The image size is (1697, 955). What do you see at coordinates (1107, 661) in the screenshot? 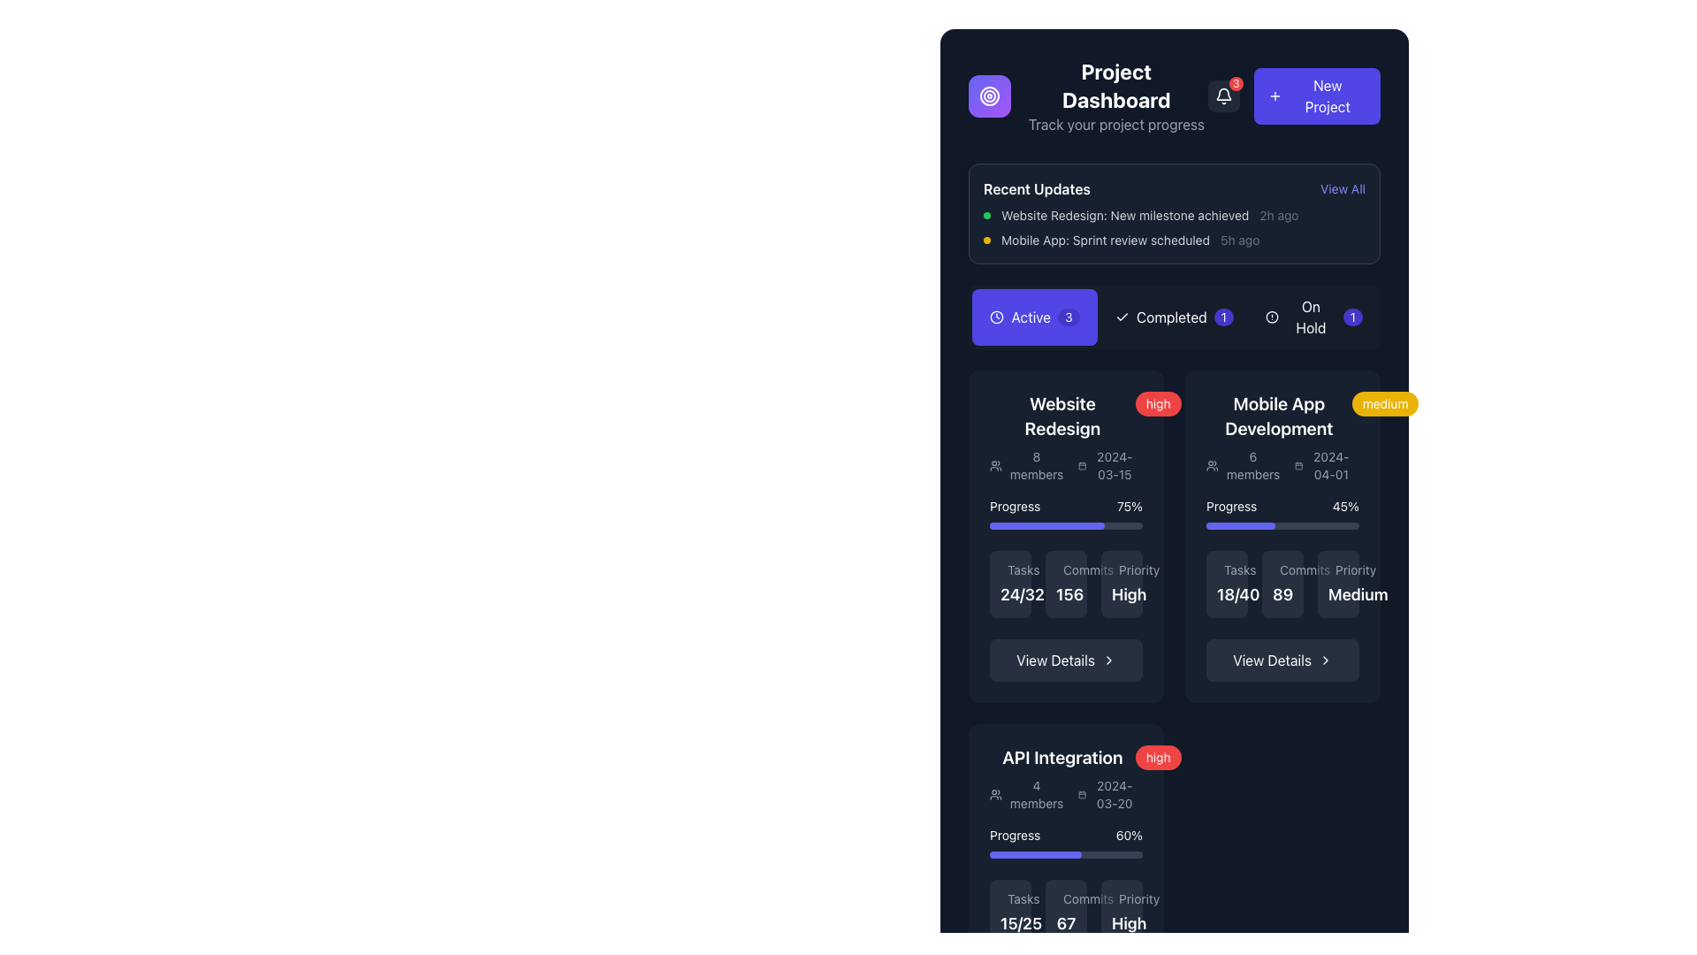
I see `the chevron icon located immediately after the text 'View Details' on the far right of the button, which serves as a visual cue for navigating forward or accessing more details` at bounding box center [1107, 661].